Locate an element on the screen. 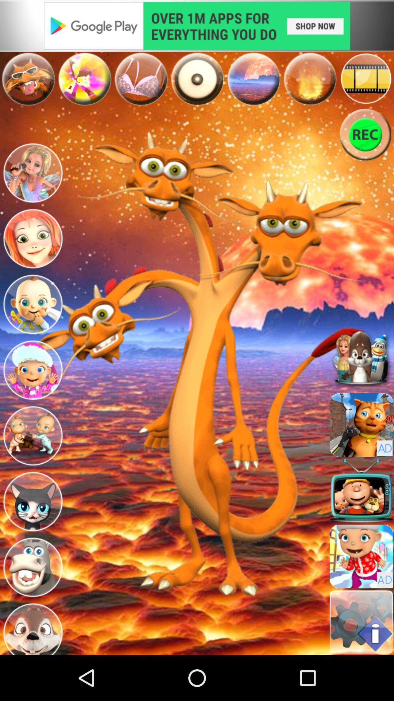  games is located at coordinates (84, 79).